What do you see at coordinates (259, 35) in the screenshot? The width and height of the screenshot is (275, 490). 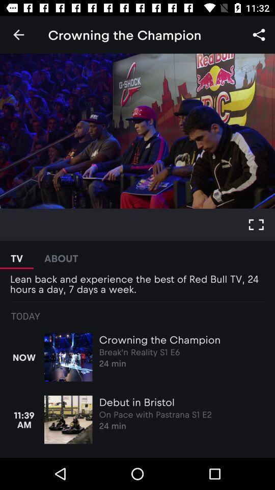 I see `the button which is to the immediate right of crowning the champion in the header` at bounding box center [259, 35].